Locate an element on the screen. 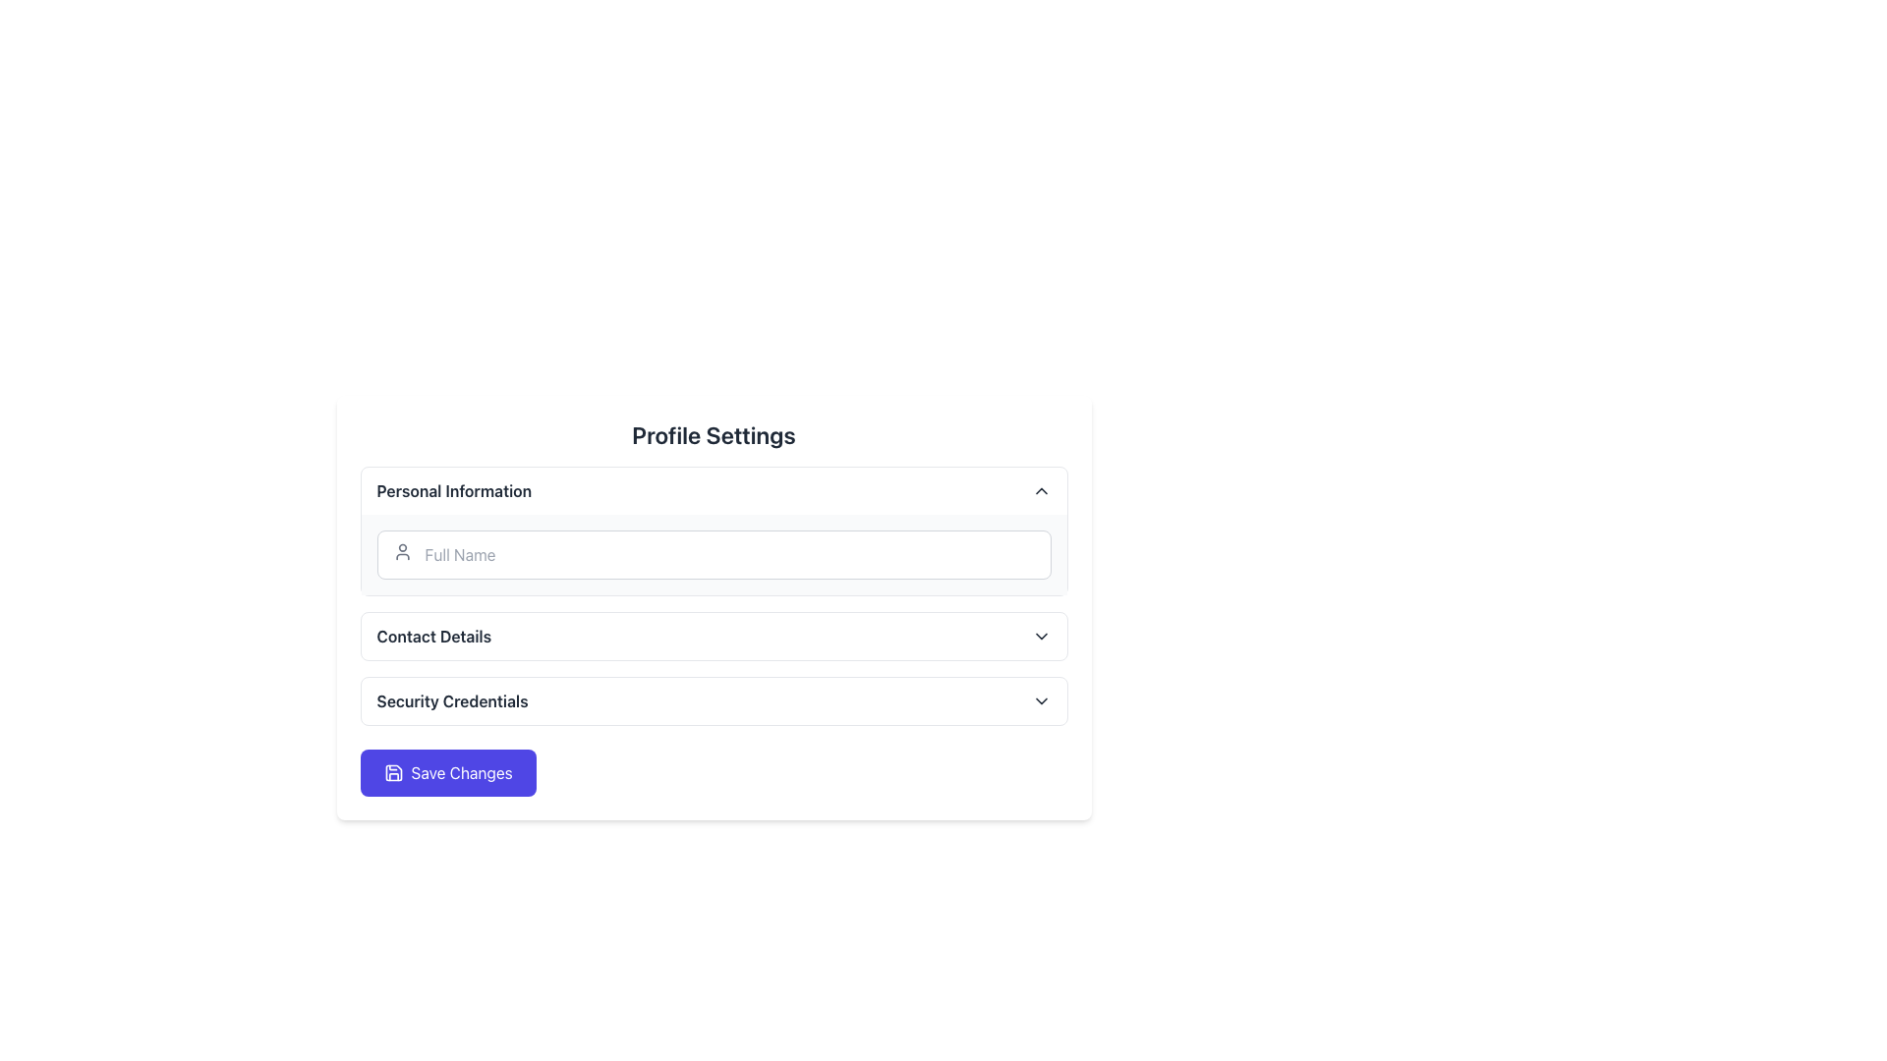 The height and width of the screenshot is (1061, 1887). the upward-pointing chevron icon located on the right edge of the 'Personal Information' header is located at coordinates (1040, 490).